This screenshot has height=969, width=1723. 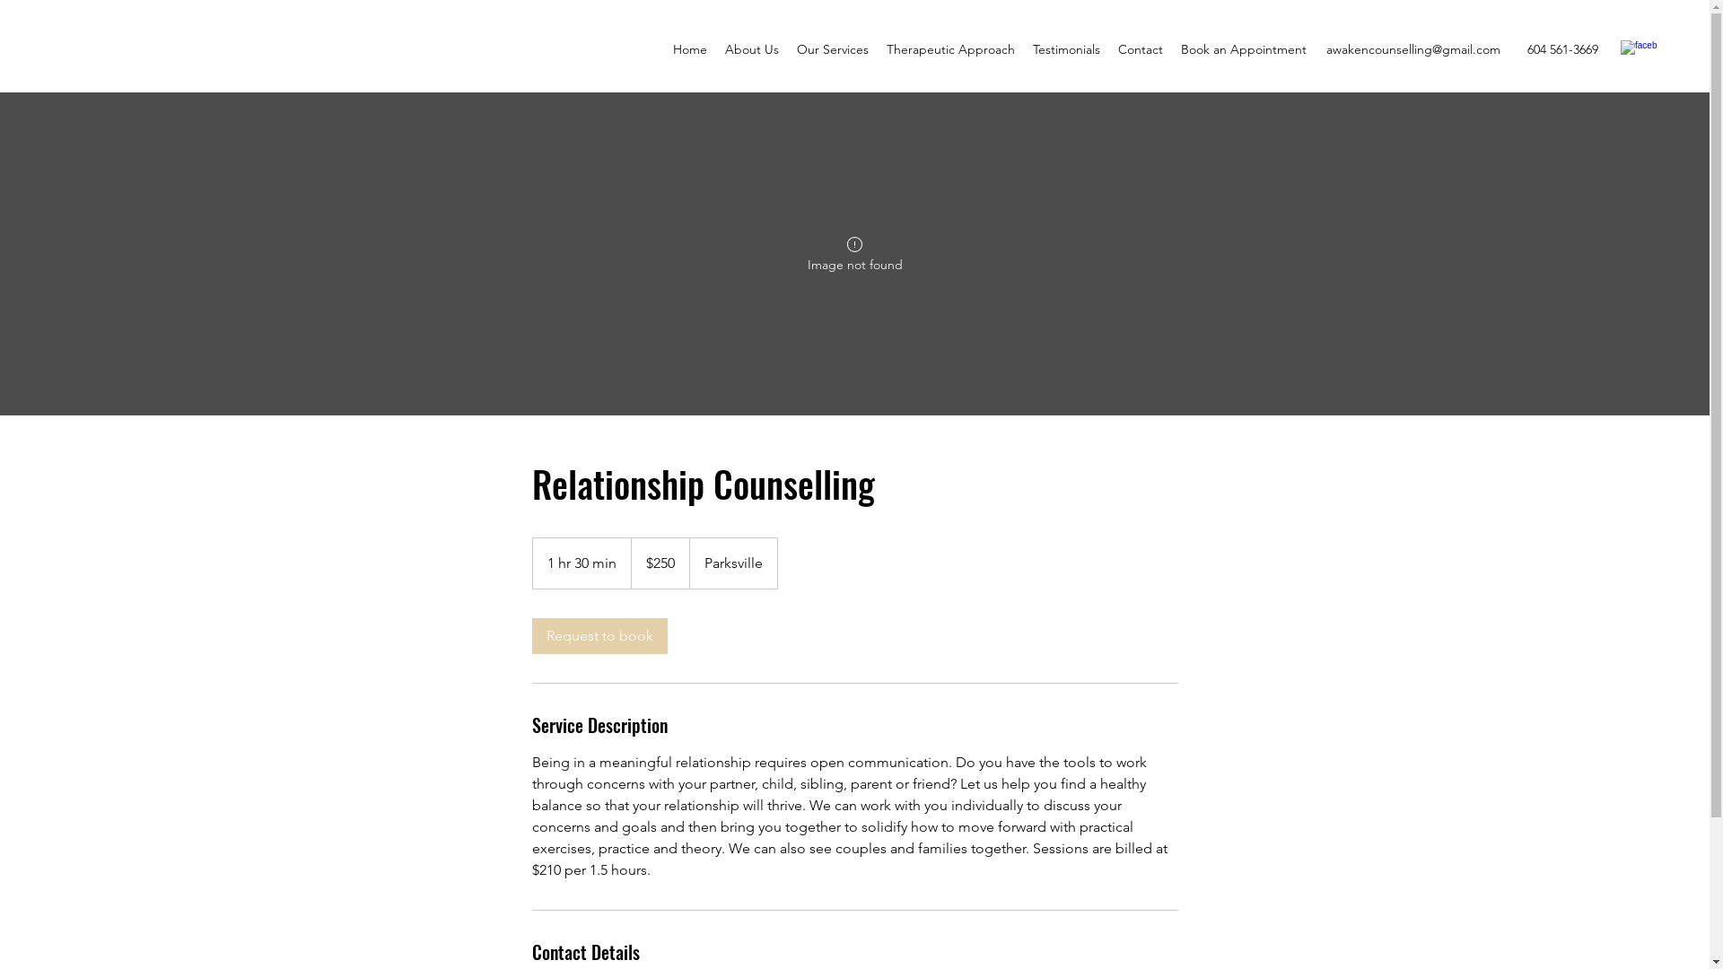 What do you see at coordinates (1243, 48) in the screenshot?
I see `'Book an Appointment'` at bounding box center [1243, 48].